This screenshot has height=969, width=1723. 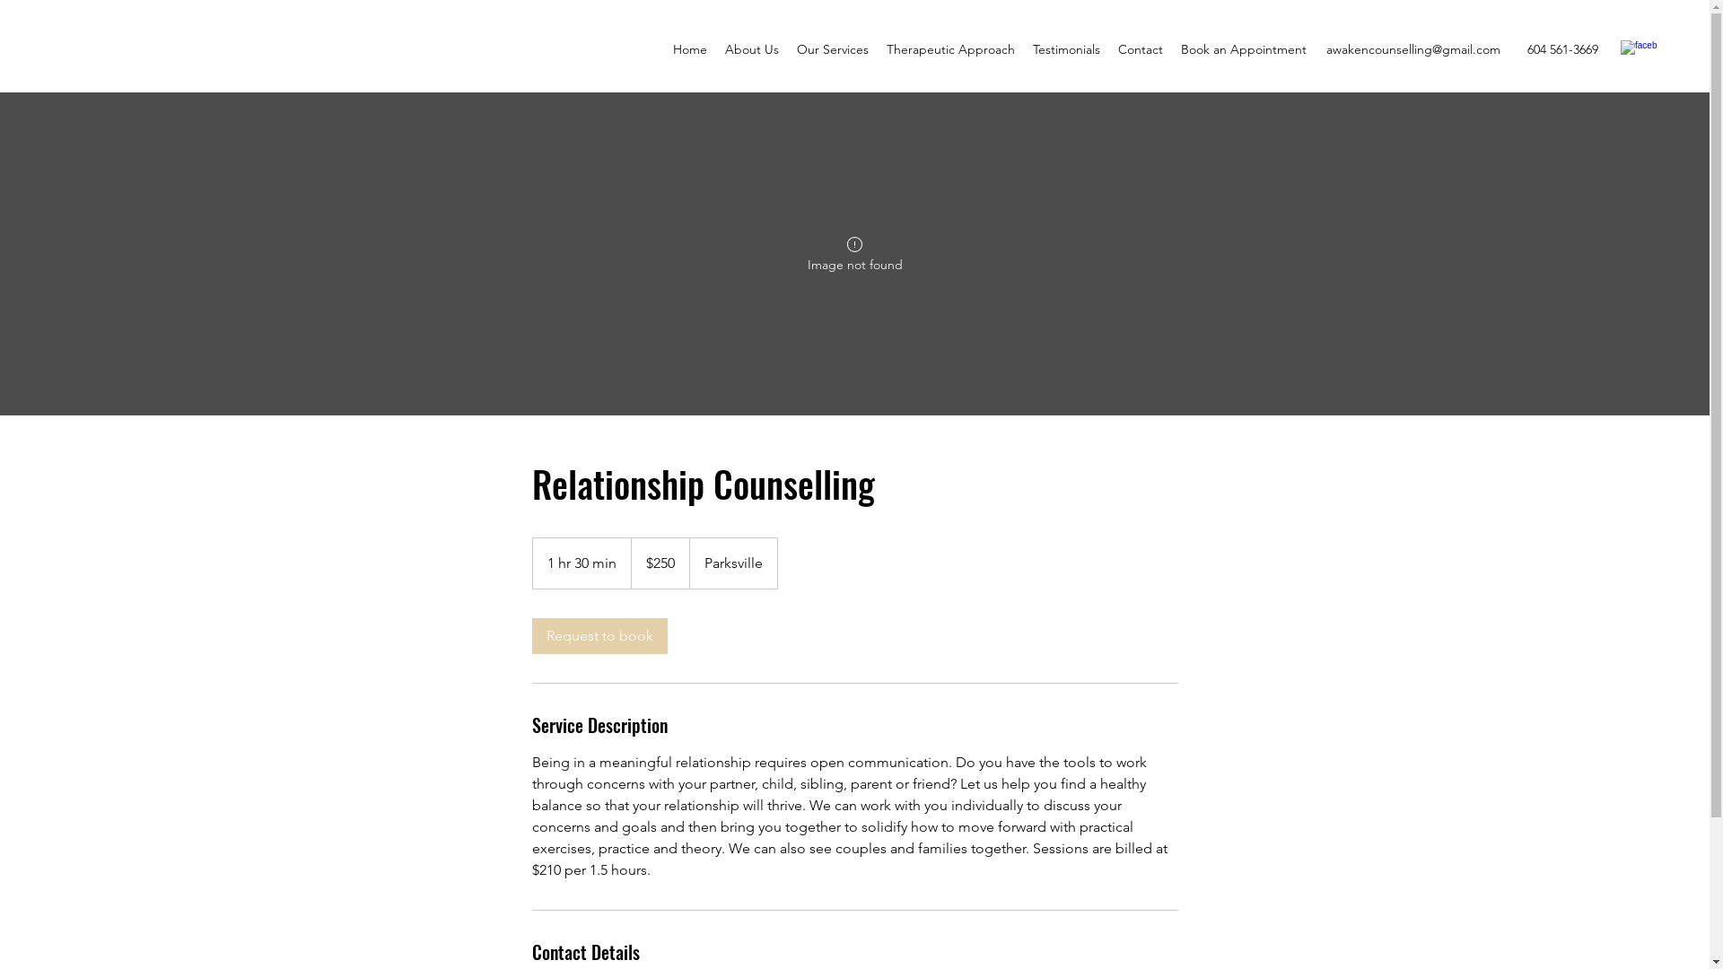 What do you see at coordinates (1243, 48) in the screenshot?
I see `'Book an Appointment'` at bounding box center [1243, 48].